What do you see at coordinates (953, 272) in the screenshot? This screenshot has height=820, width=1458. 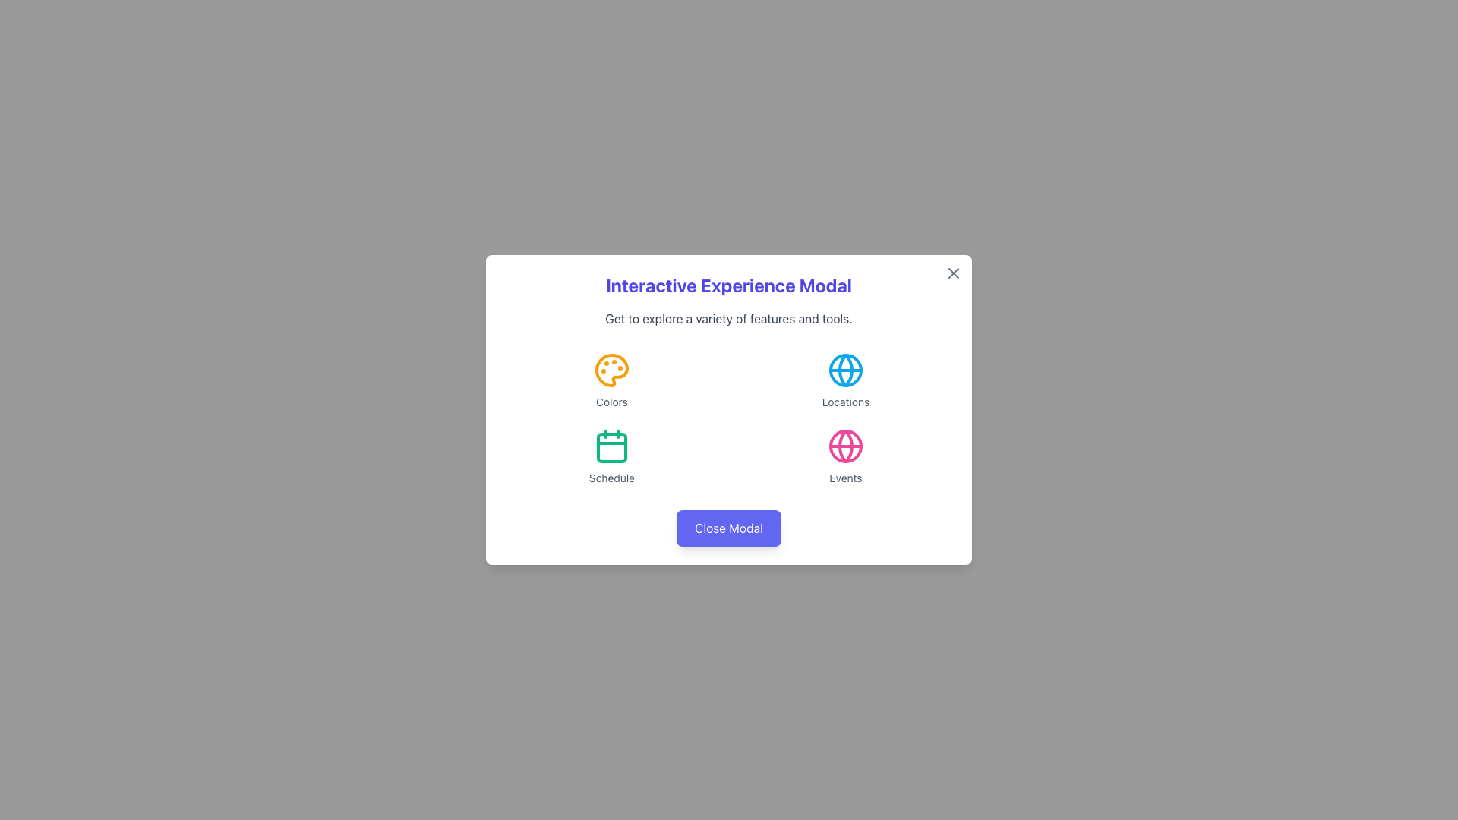 I see `the small button with a cross icon (X) located at the top-right corner of the white modal window to interact with it` at bounding box center [953, 272].